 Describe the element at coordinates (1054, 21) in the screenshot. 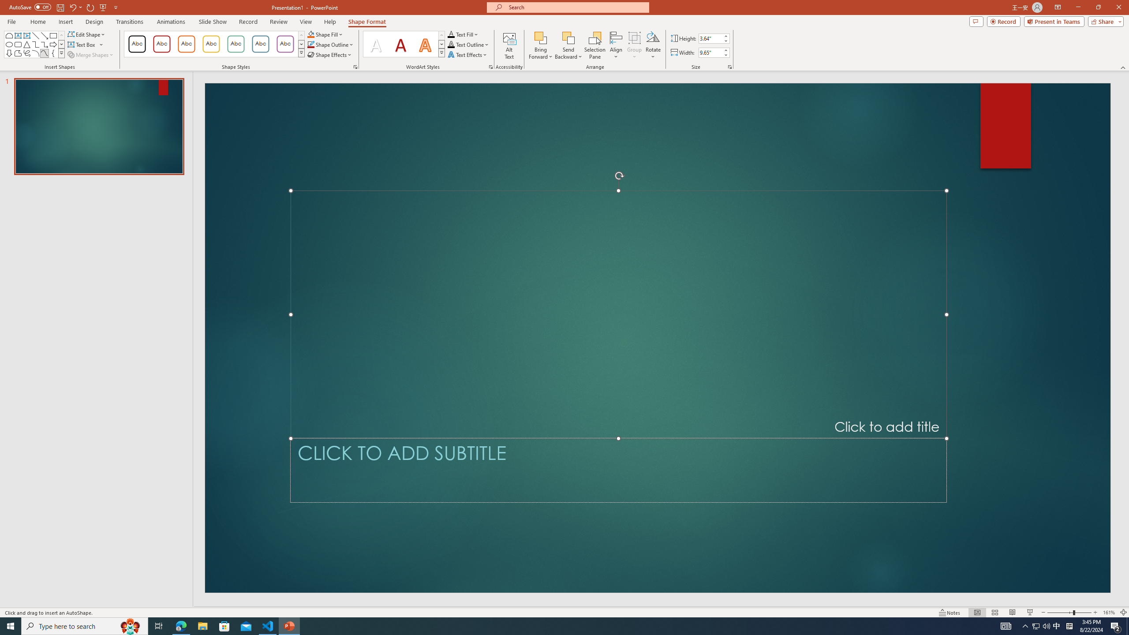

I see `'Present in Teams'` at that location.